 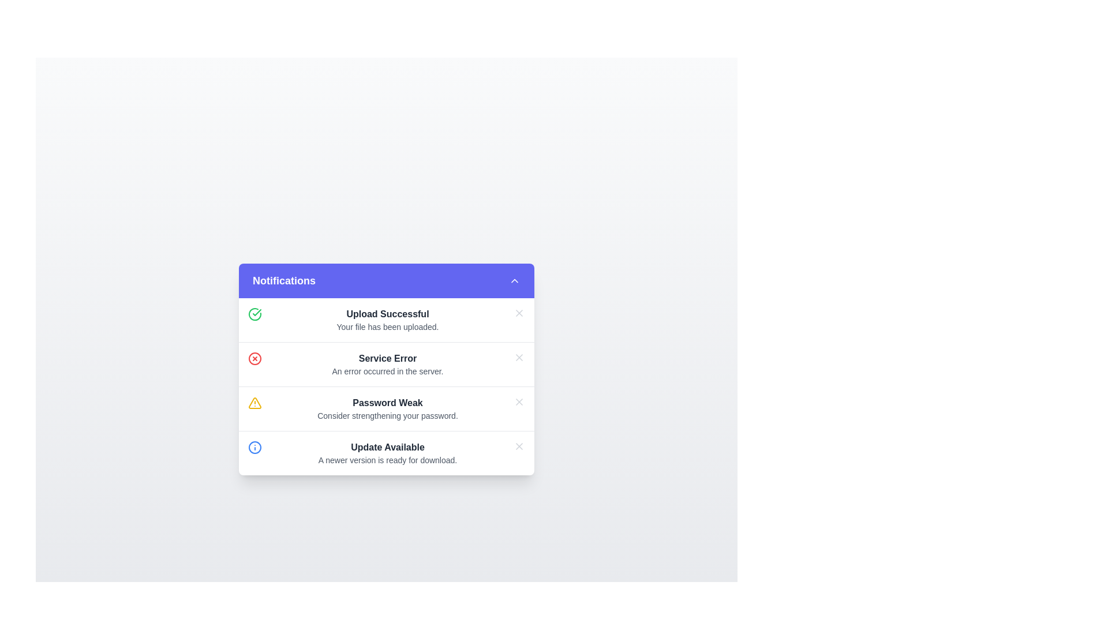 I want to click on the 'Upload Successful' text label in the notification card, which is displayed in bold dark gray font and is the first line in the notification panel, so click(x=388, y=313).